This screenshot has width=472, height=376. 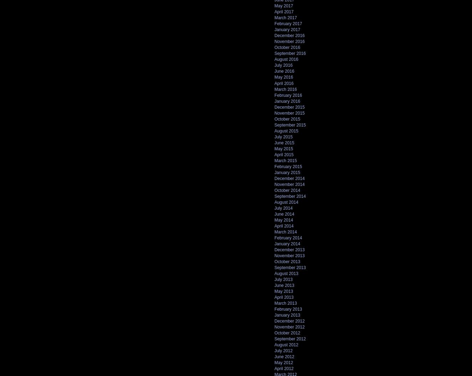 I want to click on 'April 2016', so click(x=284, y=83).